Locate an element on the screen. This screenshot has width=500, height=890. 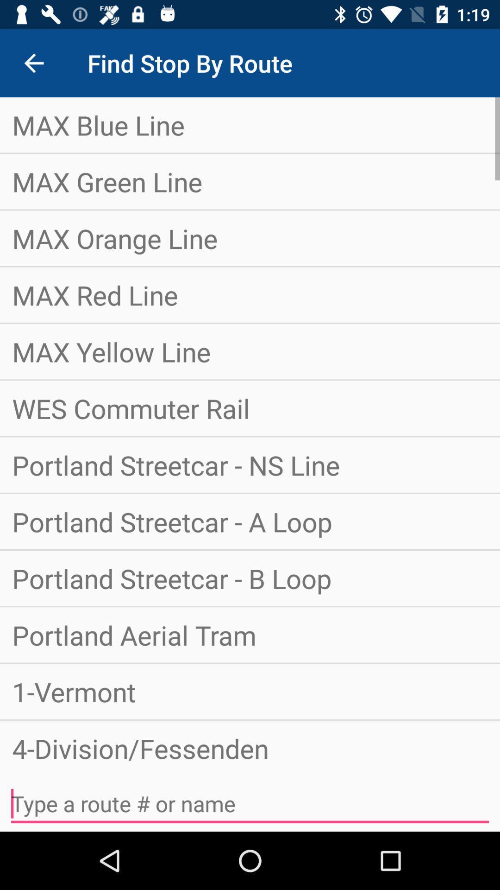
the icon next to the find stop by item is located at coordinates (33, 63).